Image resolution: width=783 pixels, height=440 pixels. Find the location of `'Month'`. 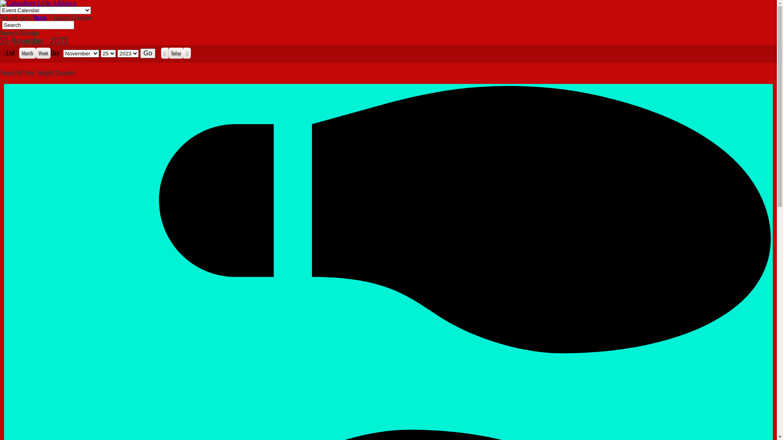

'Month' is located at coordinates (27, 53).